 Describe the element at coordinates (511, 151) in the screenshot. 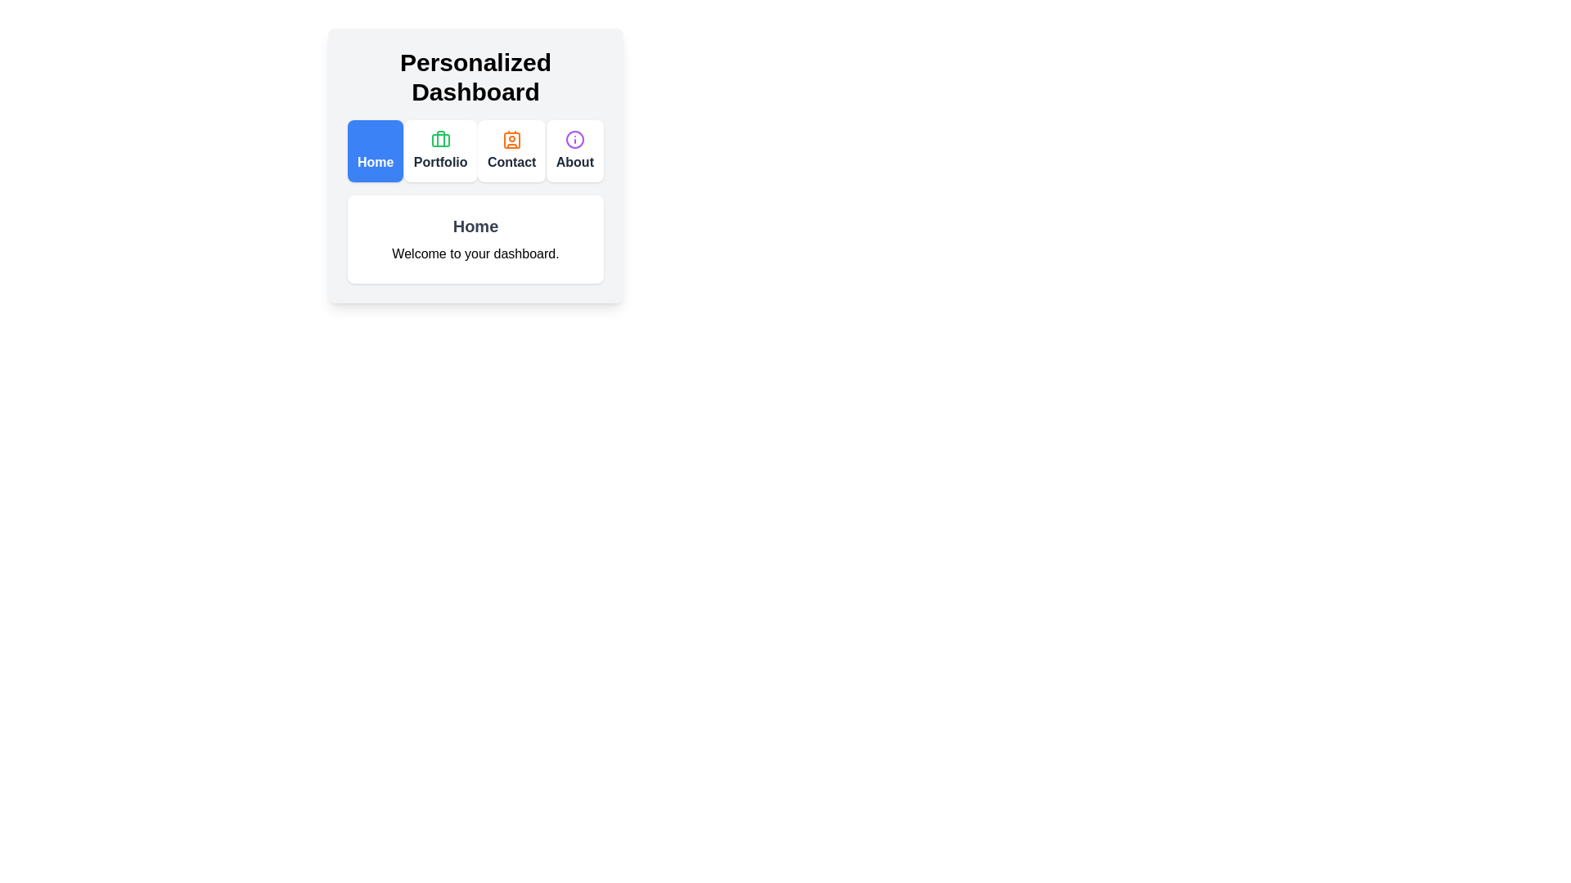

I see `the tab labeled Contact` at that location.